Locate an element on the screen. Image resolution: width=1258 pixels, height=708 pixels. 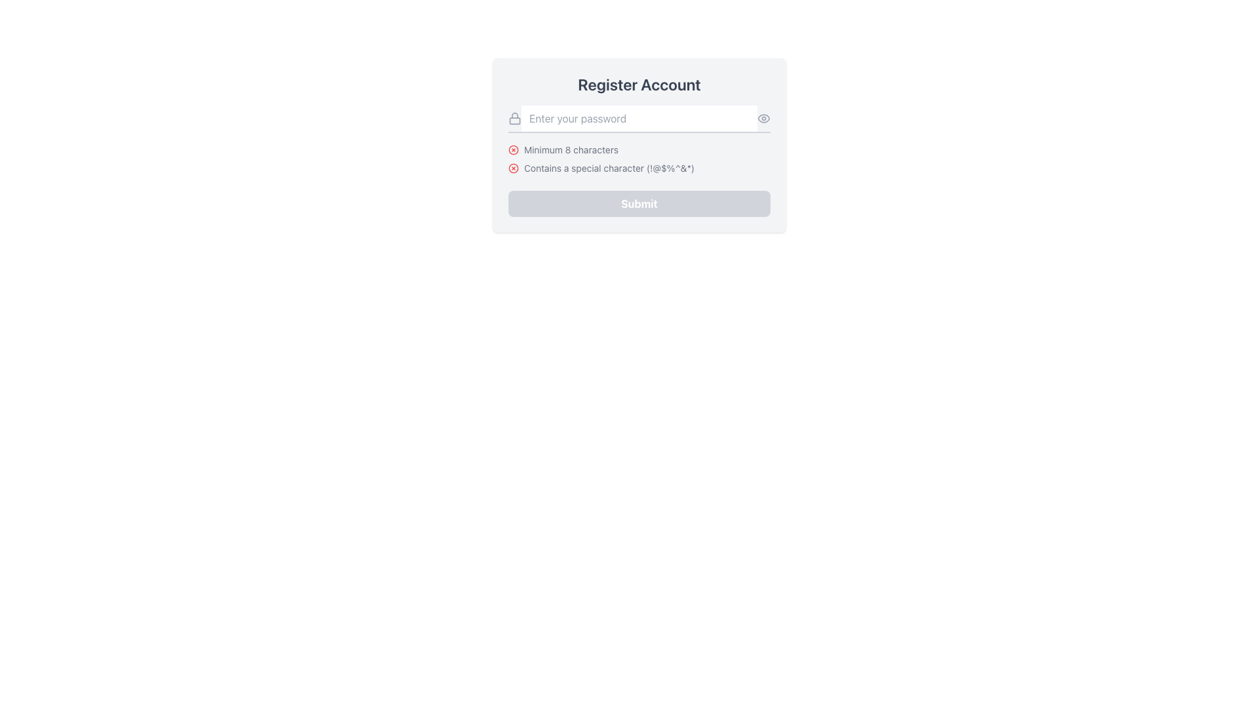
the password entry icon located at the far left of the input field, which indicates that the adjacent field is for password entry is located at coordinates (514, 119).